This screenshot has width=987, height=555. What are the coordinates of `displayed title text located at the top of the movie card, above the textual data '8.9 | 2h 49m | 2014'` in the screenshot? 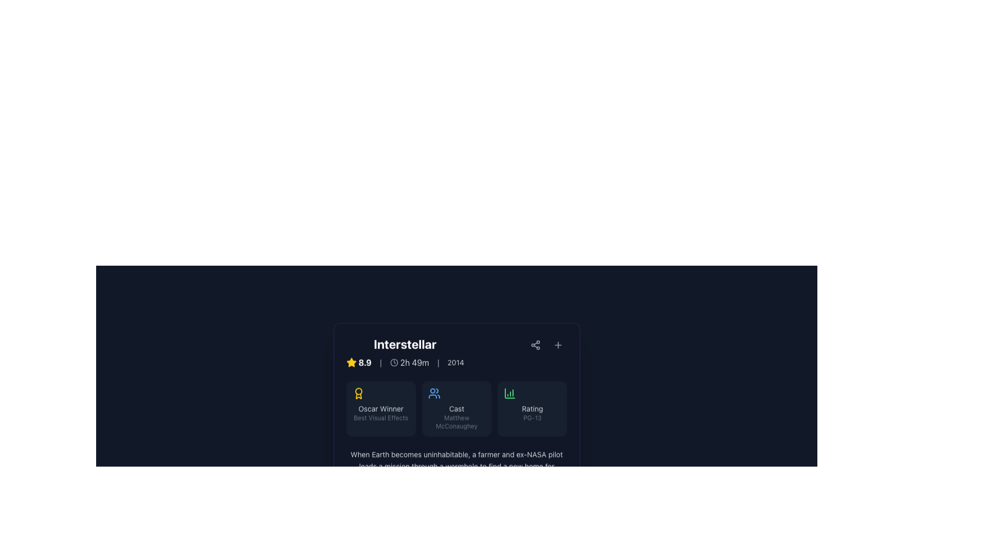 It's located at (405, 344).